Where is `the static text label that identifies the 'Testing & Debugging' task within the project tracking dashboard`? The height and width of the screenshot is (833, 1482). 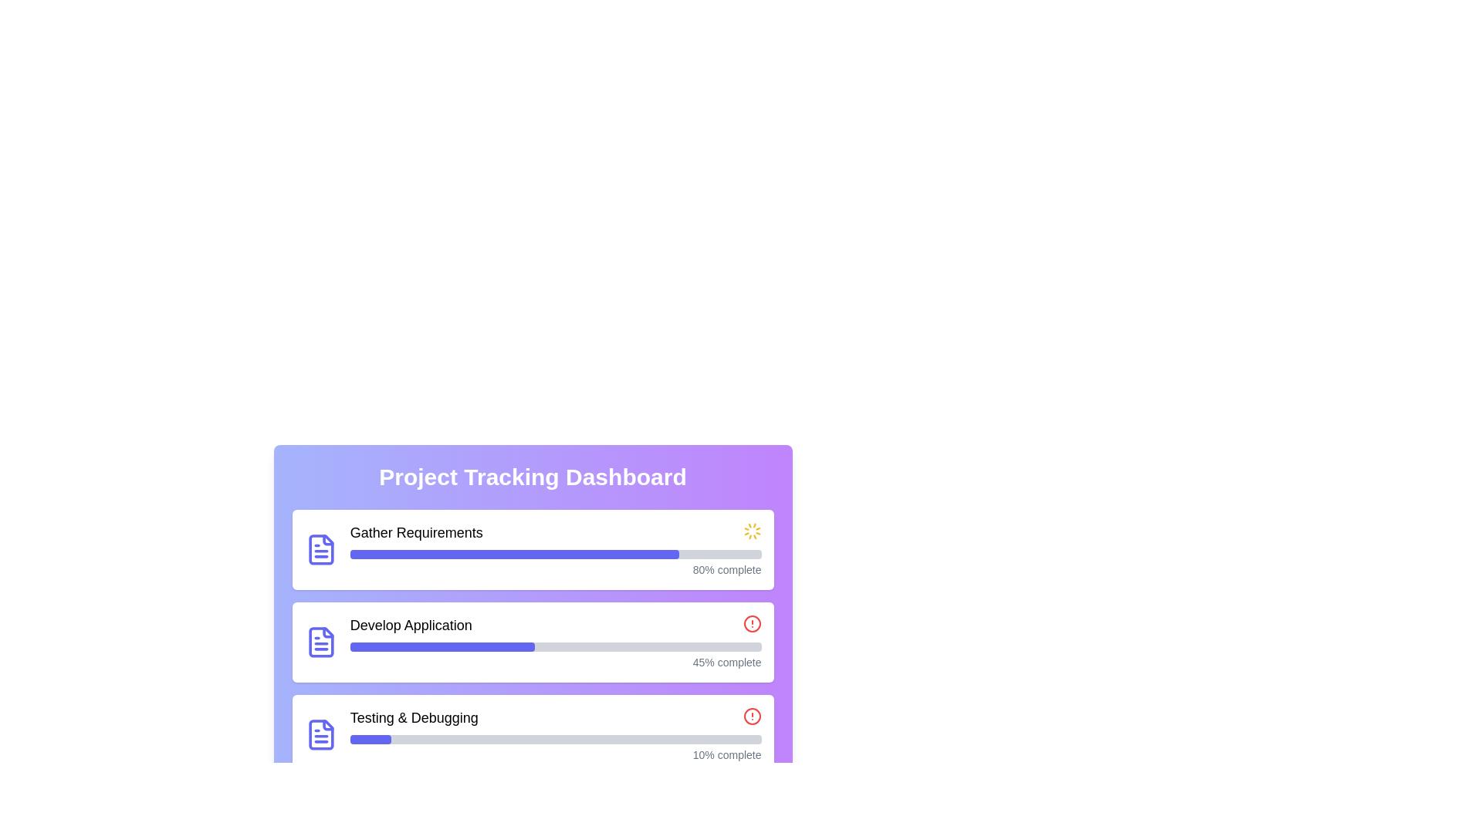
the static text label that identifies the 'Testing & Debugging' task within the project tracking dashboard is located at coordinates (414, 717).